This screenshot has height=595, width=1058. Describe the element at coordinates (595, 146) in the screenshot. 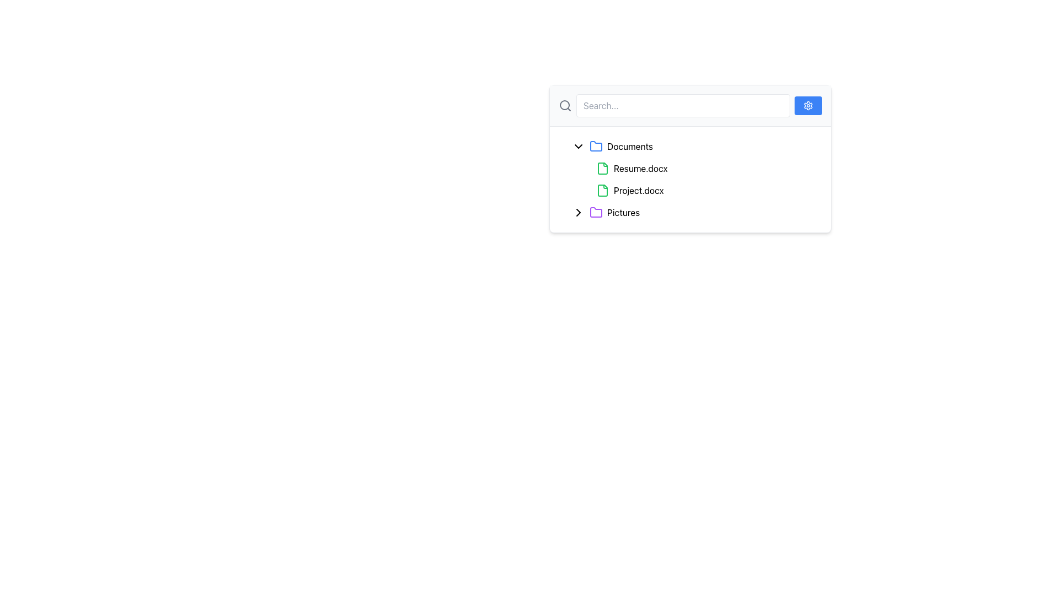

I see `folder icon representing the 'Documents' section, located to the left of the 'Documents' label text` at that location.